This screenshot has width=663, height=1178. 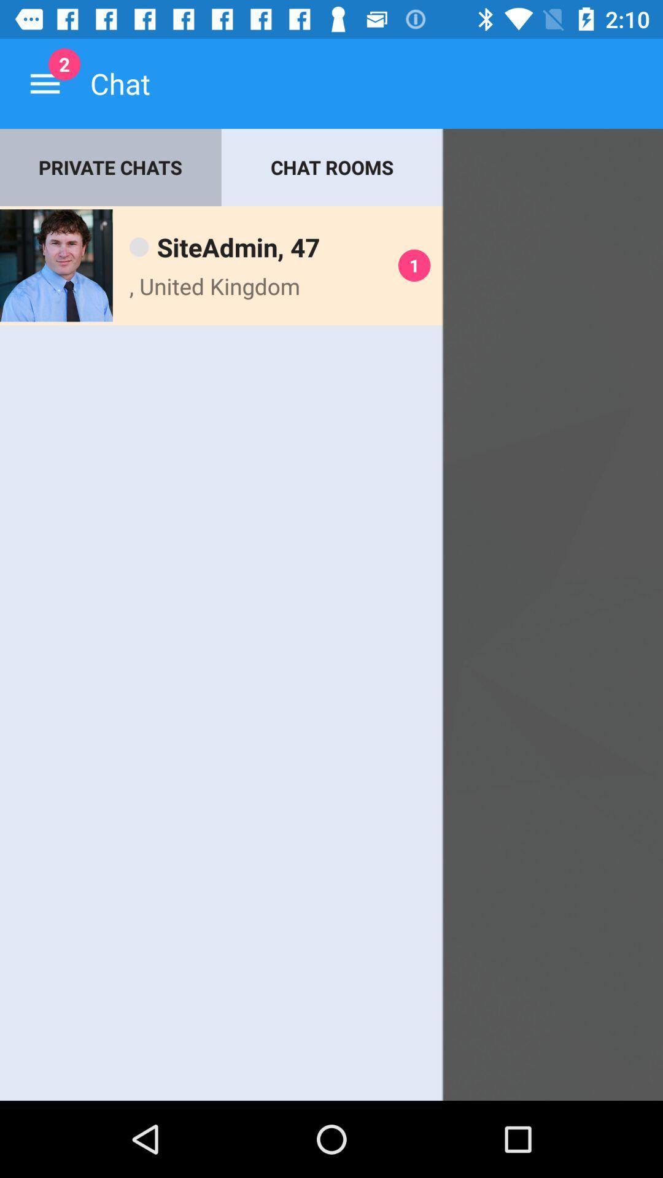 What do you see at coordinates (44, 83) in the screenshot?
I see `icon next to the chat` at bounding box center [44, 83].